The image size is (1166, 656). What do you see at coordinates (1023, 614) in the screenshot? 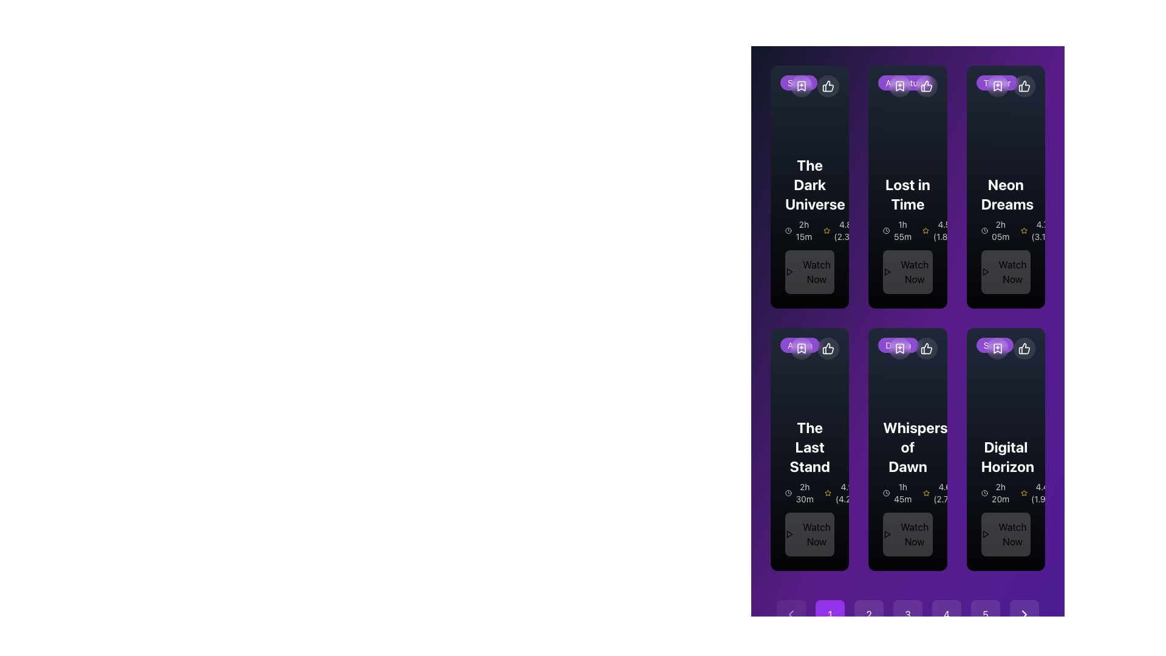
I see `the rightmost navigation button located at the bottom of the view to advance to the next page or section` at bounding box center [1023, 614].